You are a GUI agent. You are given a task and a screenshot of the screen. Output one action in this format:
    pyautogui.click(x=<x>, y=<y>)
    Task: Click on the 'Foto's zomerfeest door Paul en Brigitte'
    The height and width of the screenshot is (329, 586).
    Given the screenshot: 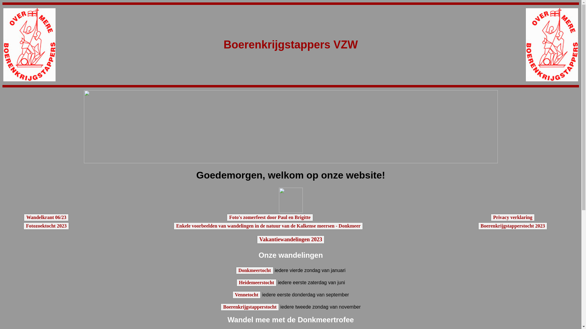 What is the action you would take?
    pyautogui.click(x=269, y=217)
    